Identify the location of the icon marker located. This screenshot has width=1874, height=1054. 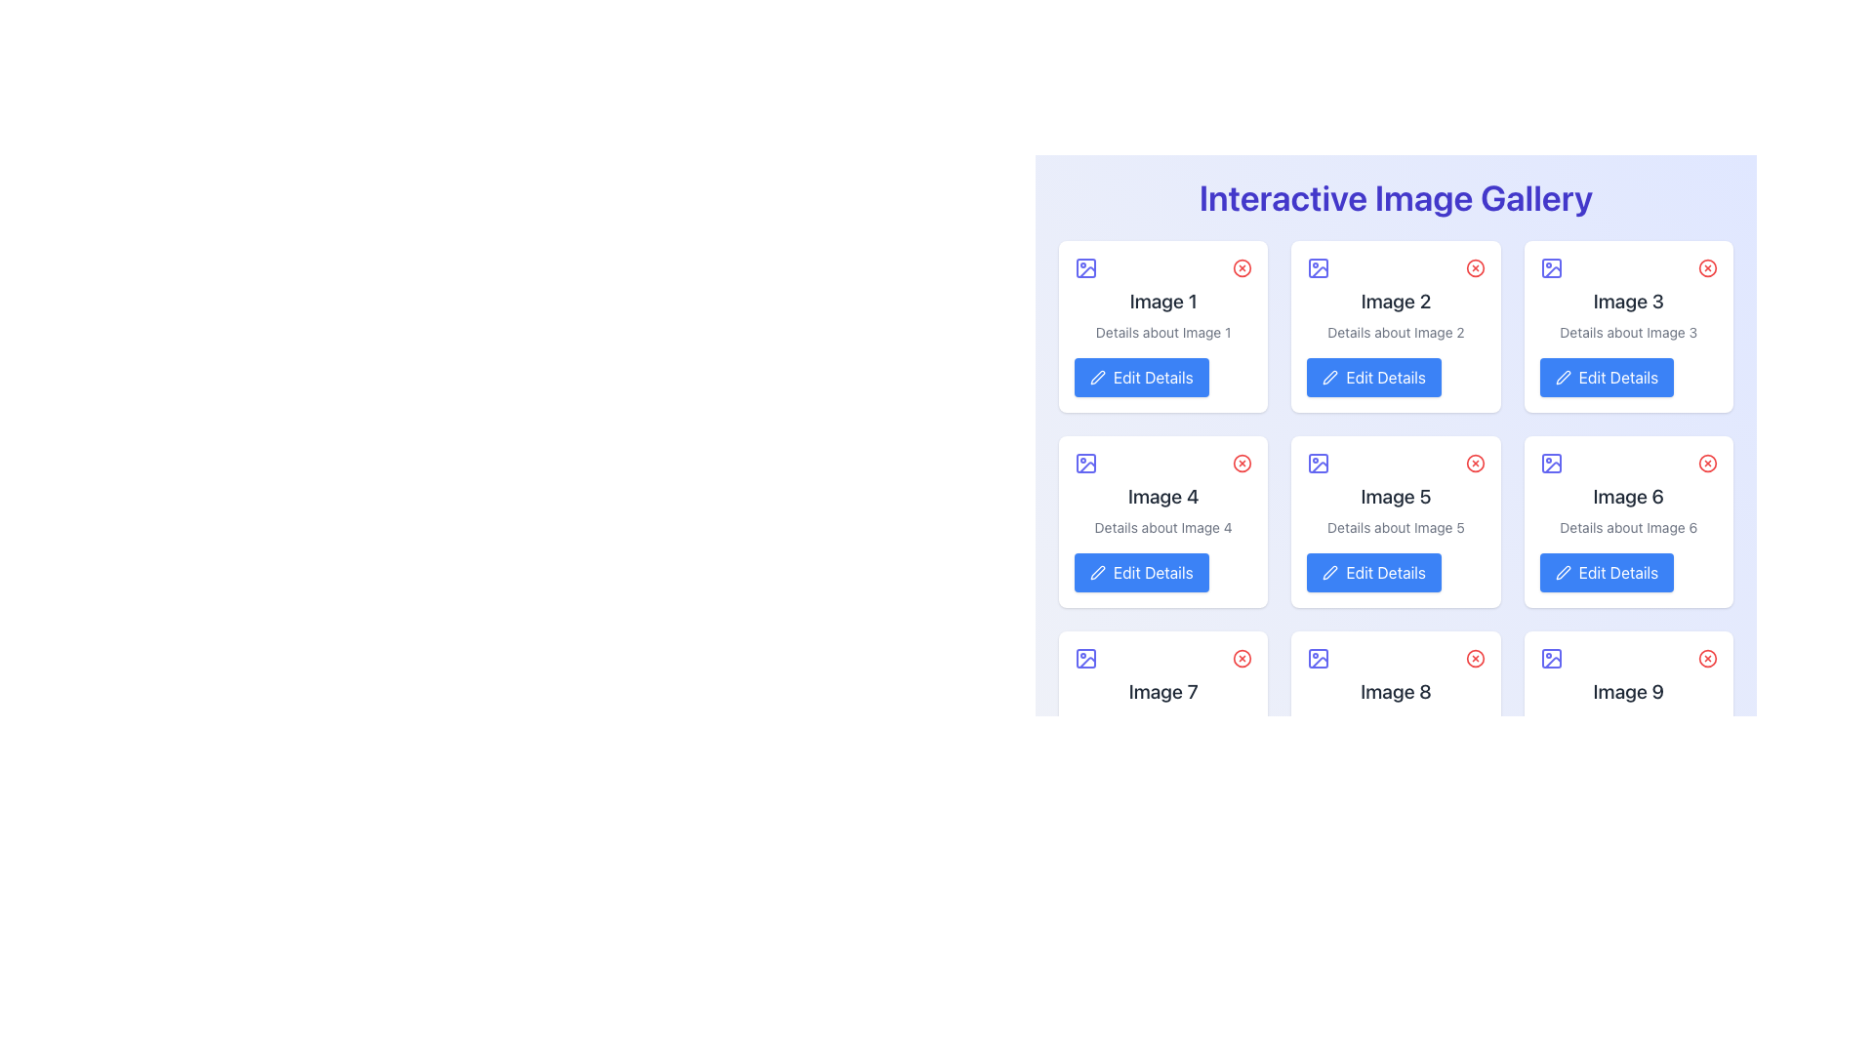
(1085, 463).